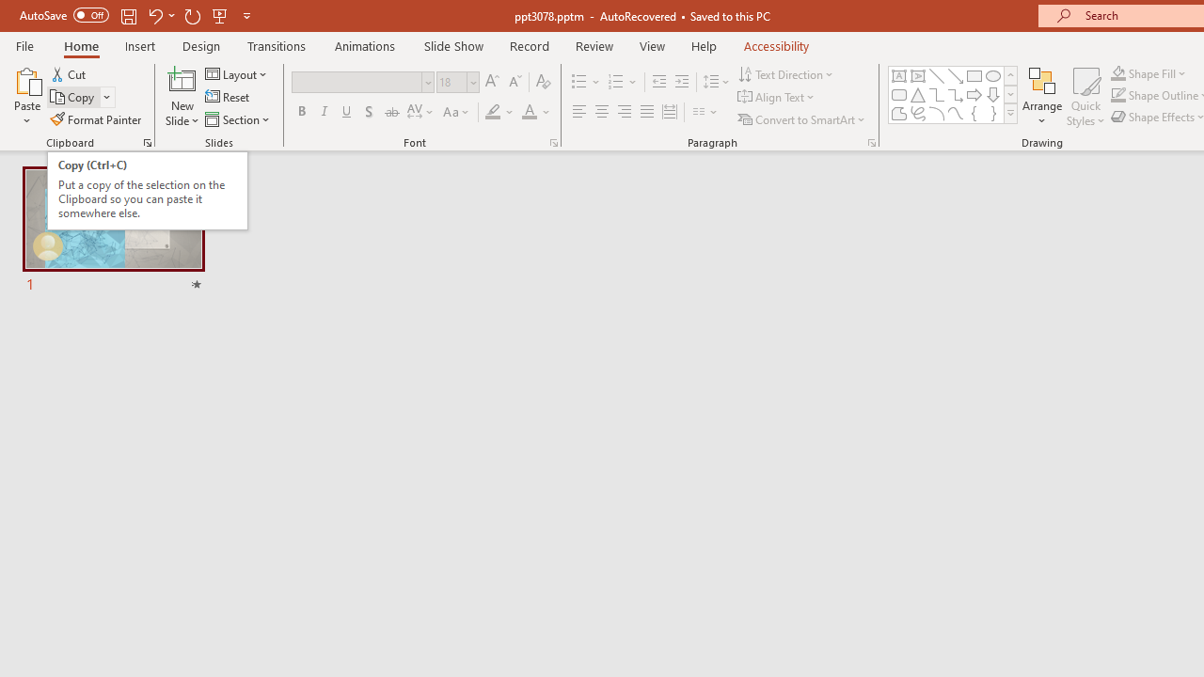  Describe the element at coordinates (390, 112) in the screenshot. I see `'Strikethrough'` at that location.